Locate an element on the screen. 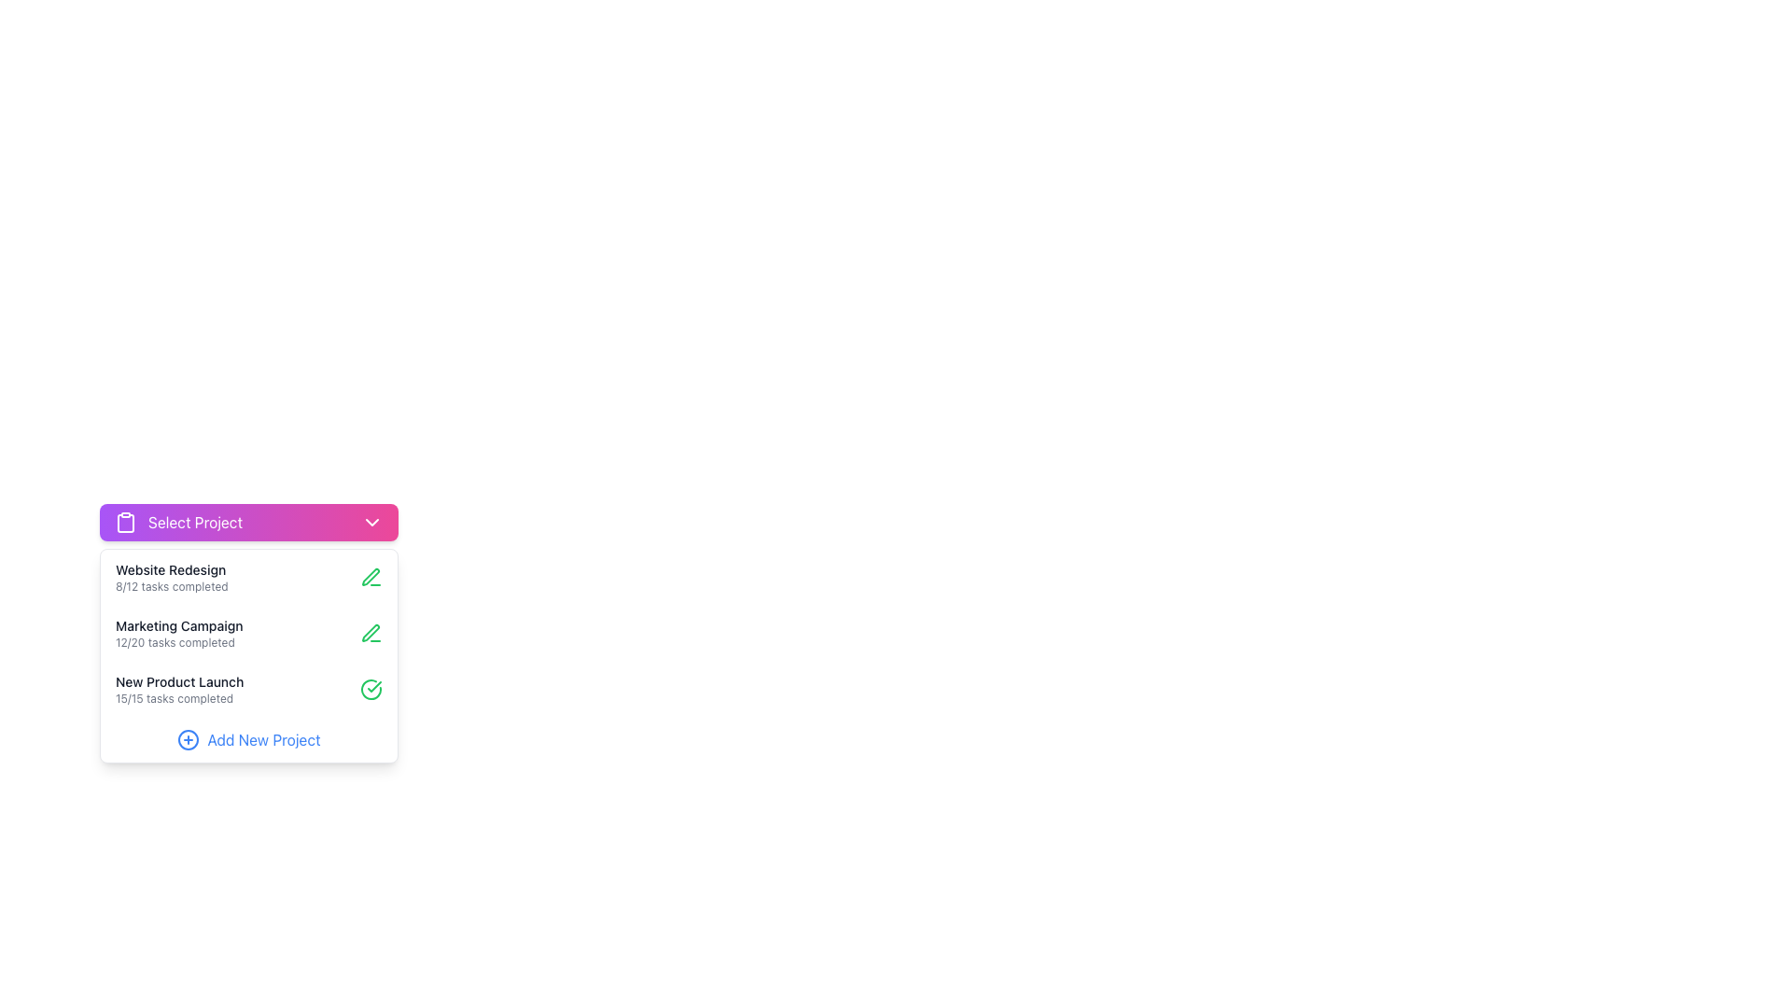  the text label displaying '12/20 tasks completed', which is styled with a small font size and gray color, located directly below the 'Marketing Campaign' title is located at coordinates (179, 642).